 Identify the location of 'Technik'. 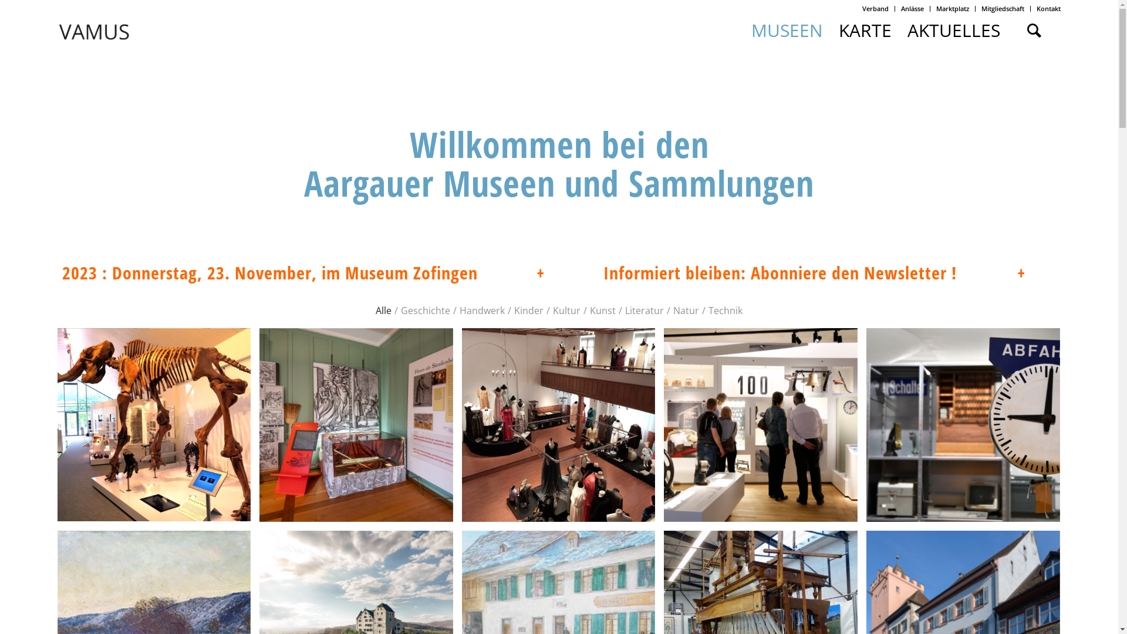
(707, 295).